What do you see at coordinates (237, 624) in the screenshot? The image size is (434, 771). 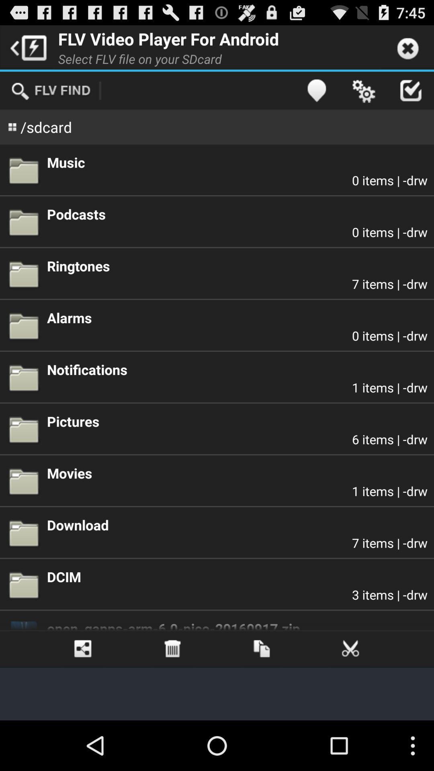 I see `open_gapps arm 6 app` at bounding box center [237, 624].